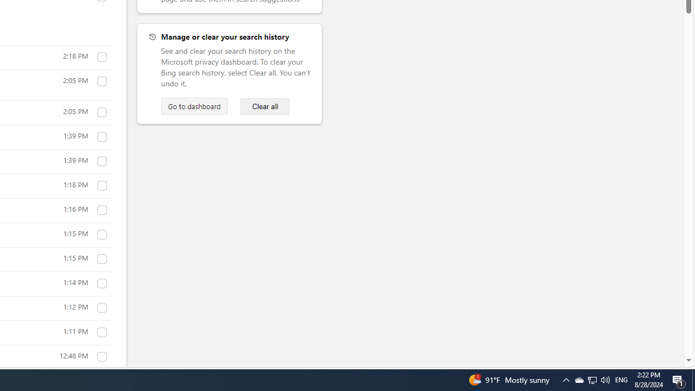 The width and height of the screenshot is (695, 391). What do you see at coordinates (102, 357) in the screenshot?
I see `'Collectibles & Fine Art | Sports | Jerseys'` at bounding box center [102, 357].